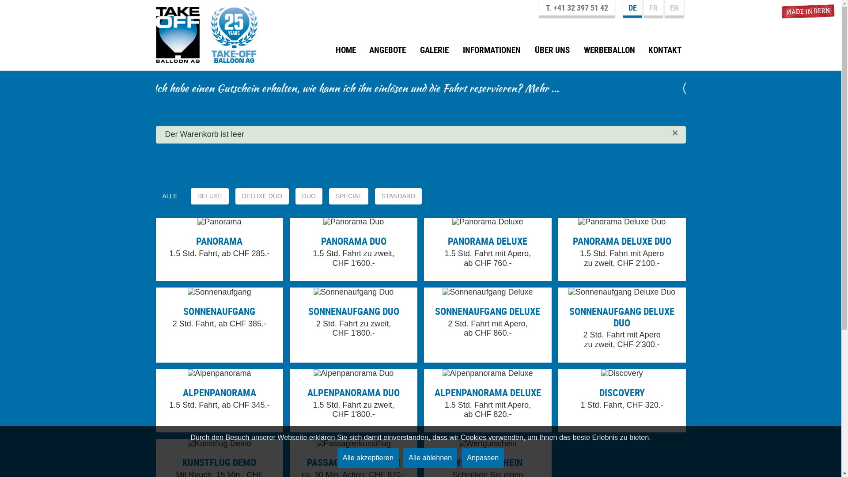 The width and height of the screenshot is (848, 477). Describe the element at coordinates (219, 310) in the screenshot. I see `'SONNENAUFGANG'` at that location.